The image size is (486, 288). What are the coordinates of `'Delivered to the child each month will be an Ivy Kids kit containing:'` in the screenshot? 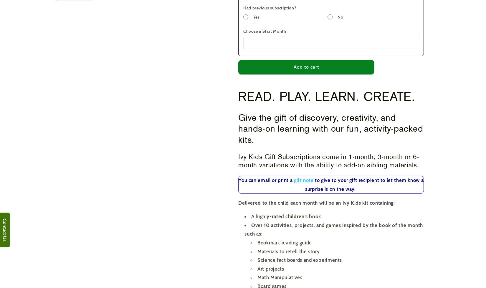 It's located at (316, 203).